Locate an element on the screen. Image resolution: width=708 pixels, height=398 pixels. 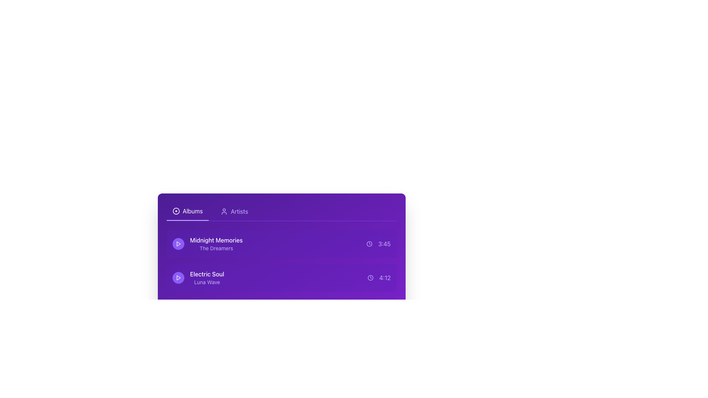
the Duration display element showing '3:45' styled in text-violet-300 color, positioned adjacent to a clock icon at the far right of the track row is located at coordinates (378, 244).